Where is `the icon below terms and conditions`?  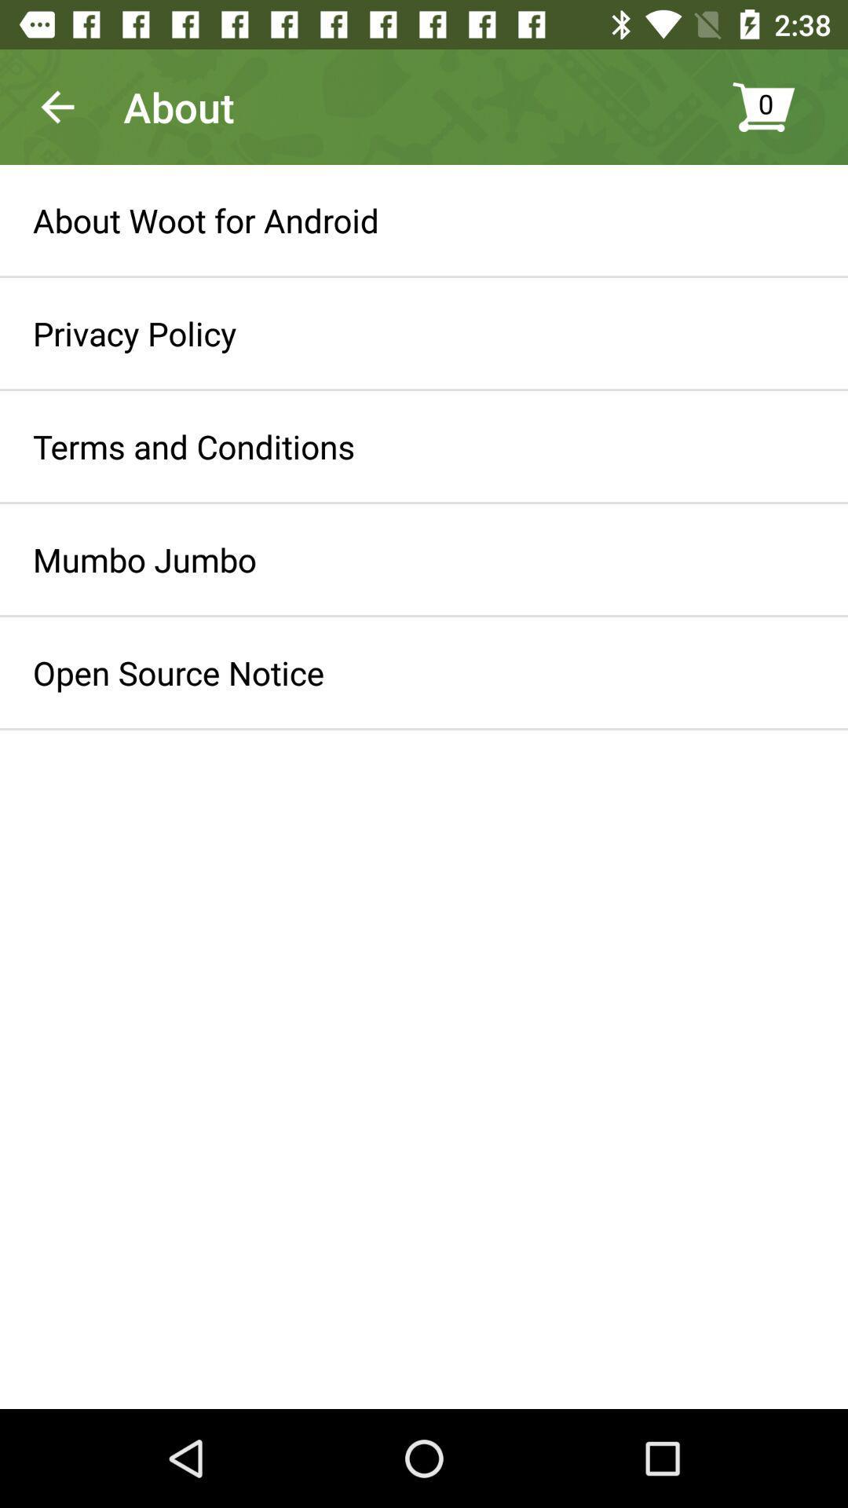
the icon below terms and conditions is located at coordinates (144, 559).